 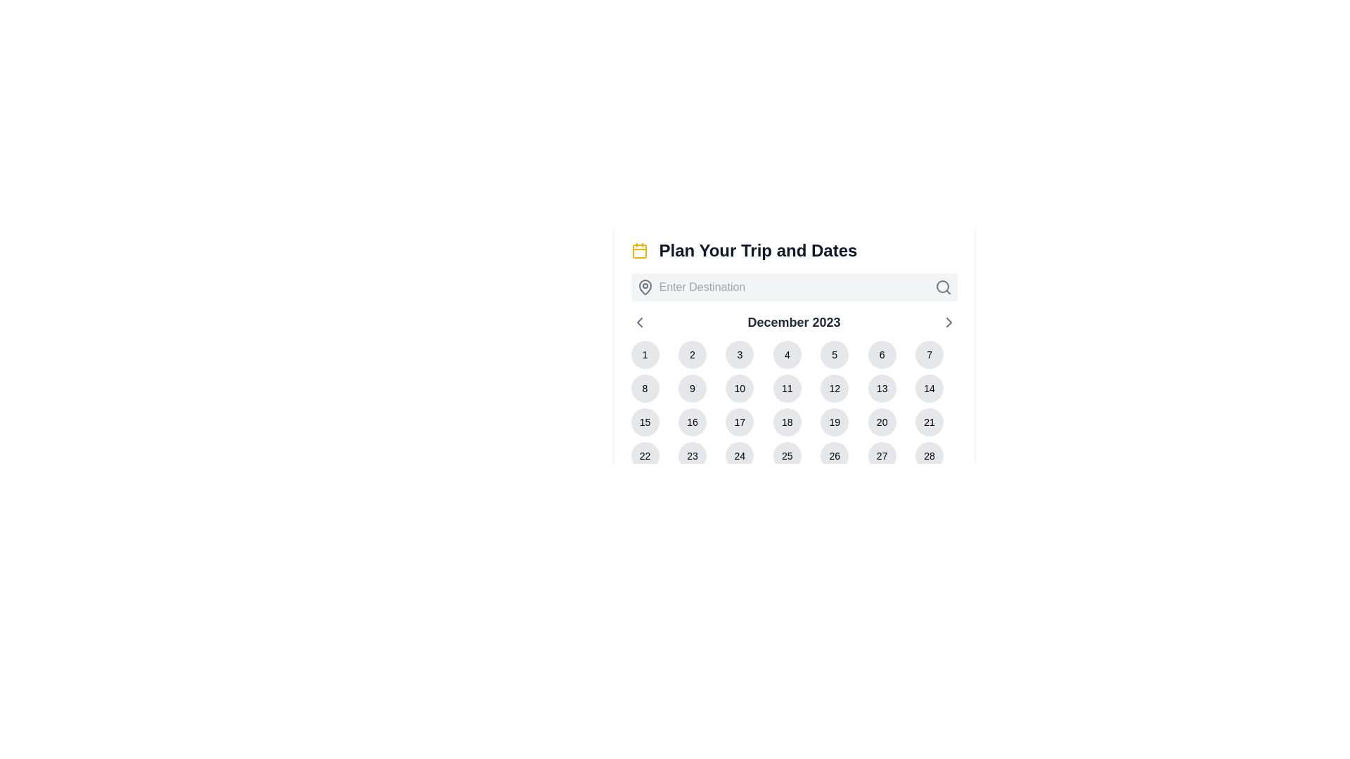 What do you see at coordinates (739, 455) in the screenshot?
I see `the button representing December 24, 2023, in the calendar` at bounding box center [739, 455].